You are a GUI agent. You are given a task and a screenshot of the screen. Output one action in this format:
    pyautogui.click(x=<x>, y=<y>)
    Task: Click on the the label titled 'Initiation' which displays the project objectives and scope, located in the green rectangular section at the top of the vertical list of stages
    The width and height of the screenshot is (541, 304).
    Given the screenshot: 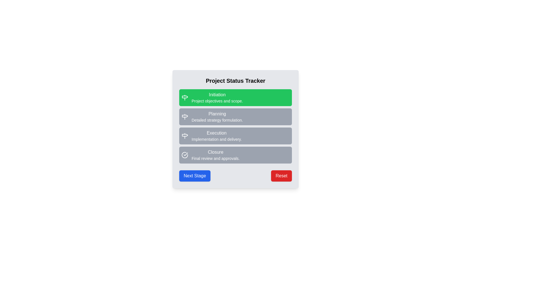 What is the action you would take?
    pyautogui.click(x=217, y=97)
    